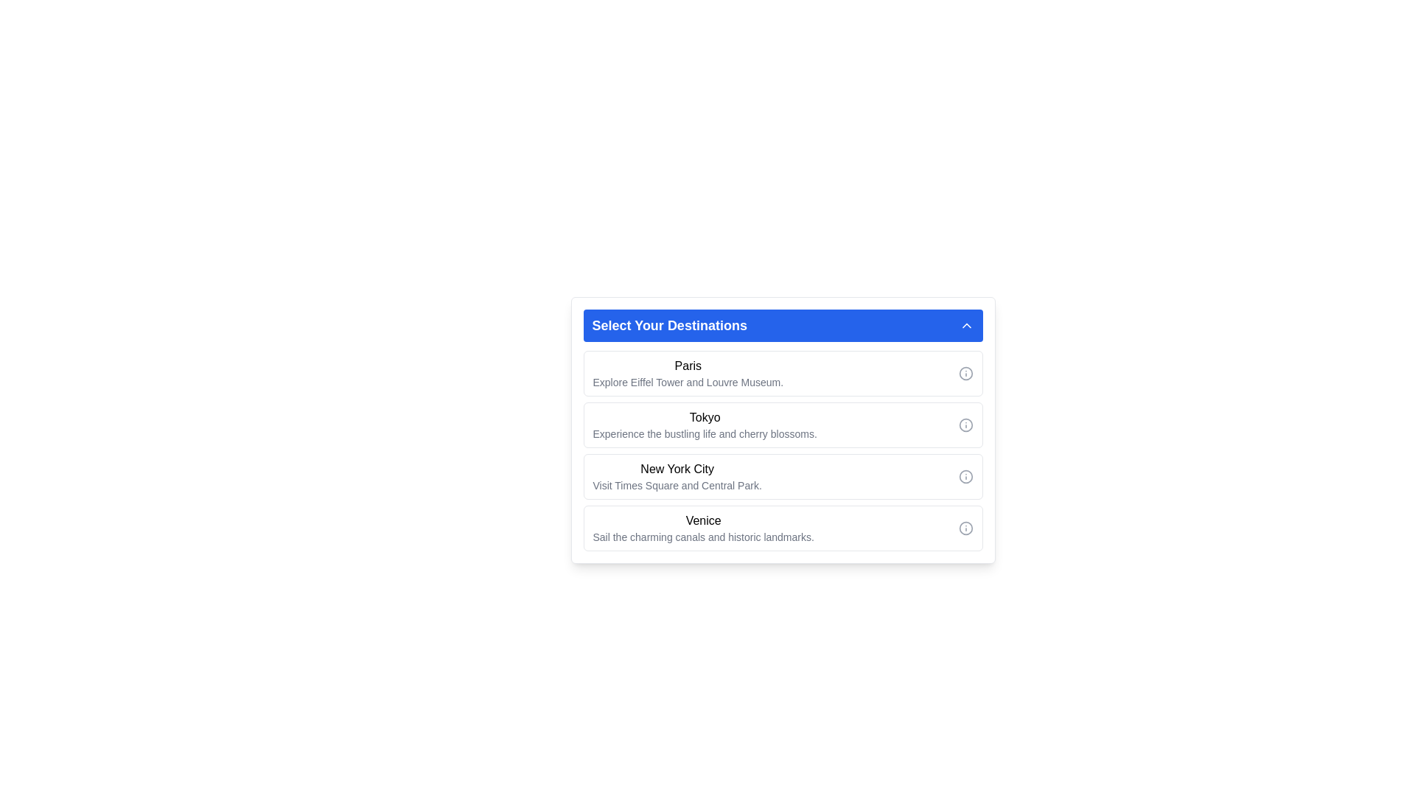 The width and height of the screenshot is (1415, 796). What do you see at coordinates (782, 528) in the screenshot?
I see `the informational card about 'Venice', which includes the heading in bold and a description below it` at bounding box center [782, 528].